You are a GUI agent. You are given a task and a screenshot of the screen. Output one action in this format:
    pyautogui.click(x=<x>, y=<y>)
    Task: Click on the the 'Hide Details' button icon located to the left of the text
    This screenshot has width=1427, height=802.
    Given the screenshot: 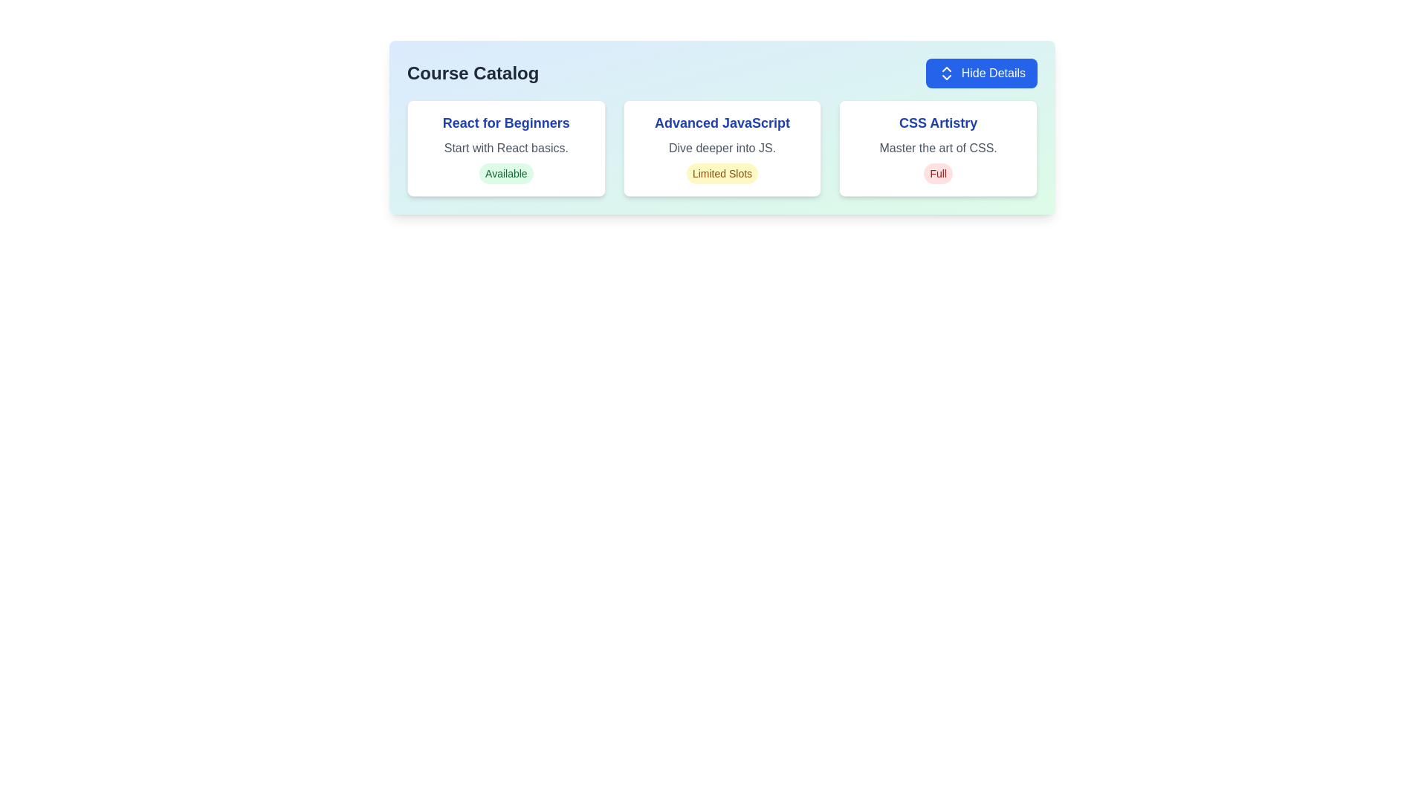 What is the action you would take?
    pyautogui.click(x=945, y=74)
    